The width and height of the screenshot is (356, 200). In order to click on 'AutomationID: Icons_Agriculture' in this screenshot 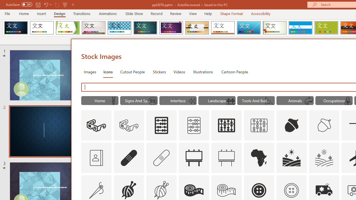, I will do `click(291, 158)`.